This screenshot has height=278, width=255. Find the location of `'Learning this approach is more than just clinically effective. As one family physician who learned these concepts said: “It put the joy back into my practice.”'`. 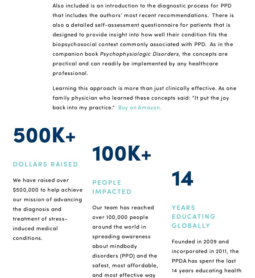

'Learning this approach is more than just clinically effective. As one family physician who learned these concepts said: “It put the joy back into my practice.”' is located at coordinates (145, 97).